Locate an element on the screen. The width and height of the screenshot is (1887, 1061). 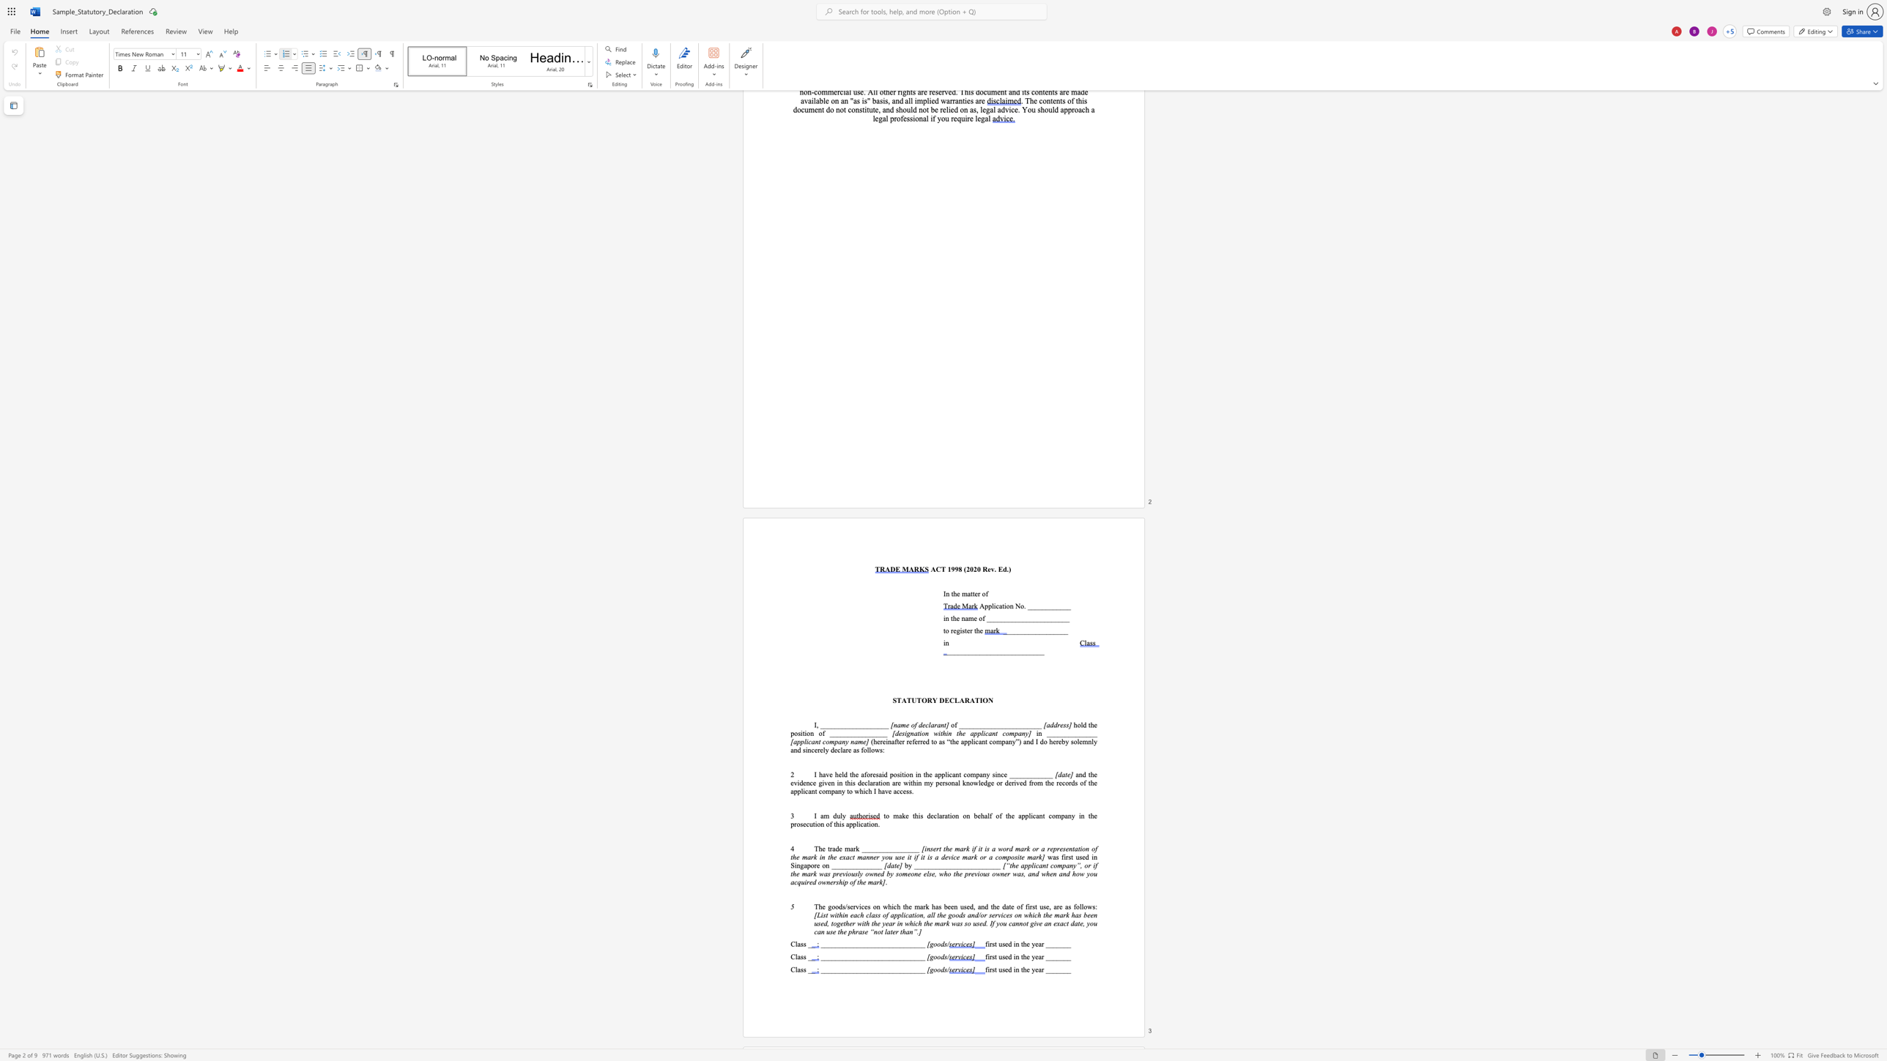
the 25th character "_" in the text is located at coordinates (908, 956).